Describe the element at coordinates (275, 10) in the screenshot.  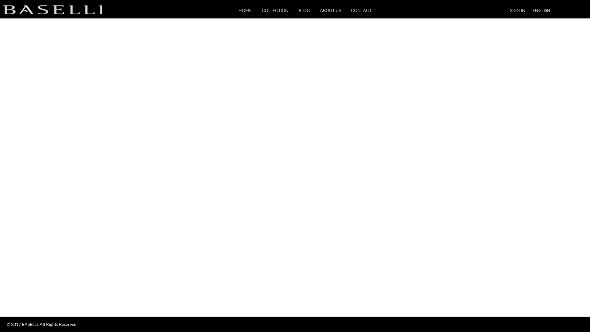
I see `'COLLECTION'` at that location.